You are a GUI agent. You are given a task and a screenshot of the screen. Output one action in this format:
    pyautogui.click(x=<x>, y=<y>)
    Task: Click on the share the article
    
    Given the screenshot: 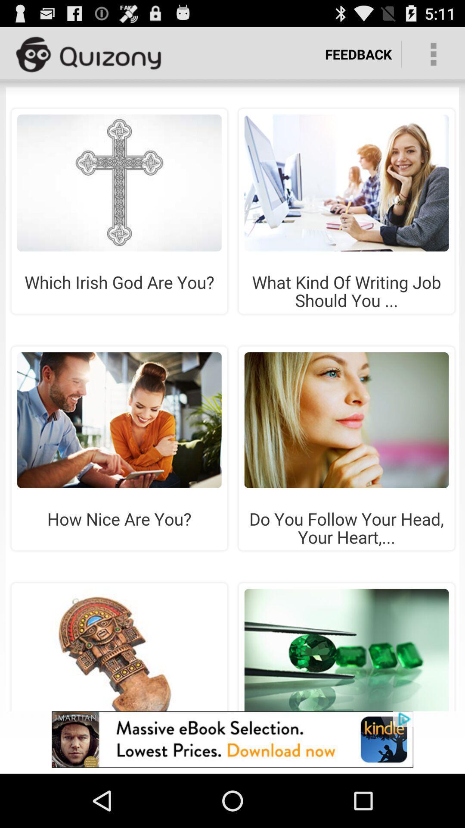 What is the action you would take?
    pyautogui.click(x=232, y=398)
    